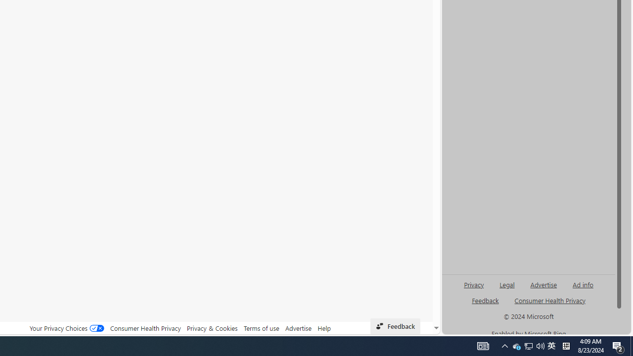 The height and width of the screenshot is (356, 633). I want to click on 'Privacy & Cookies', so click(212, 328).